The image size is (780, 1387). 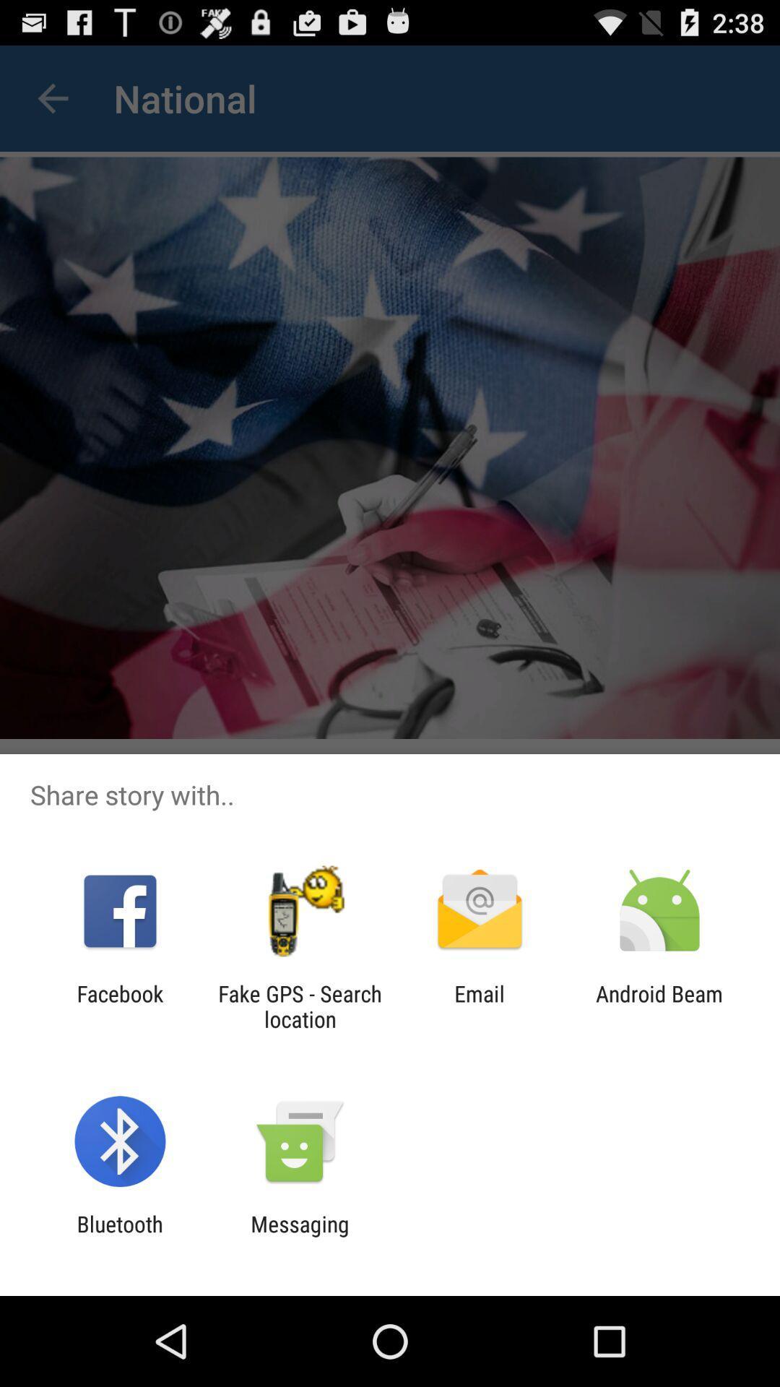 What do you see at coordinates (299, 1006) in the screenshot?
I see `icon next to the email` at bounding box center [299, 1006].